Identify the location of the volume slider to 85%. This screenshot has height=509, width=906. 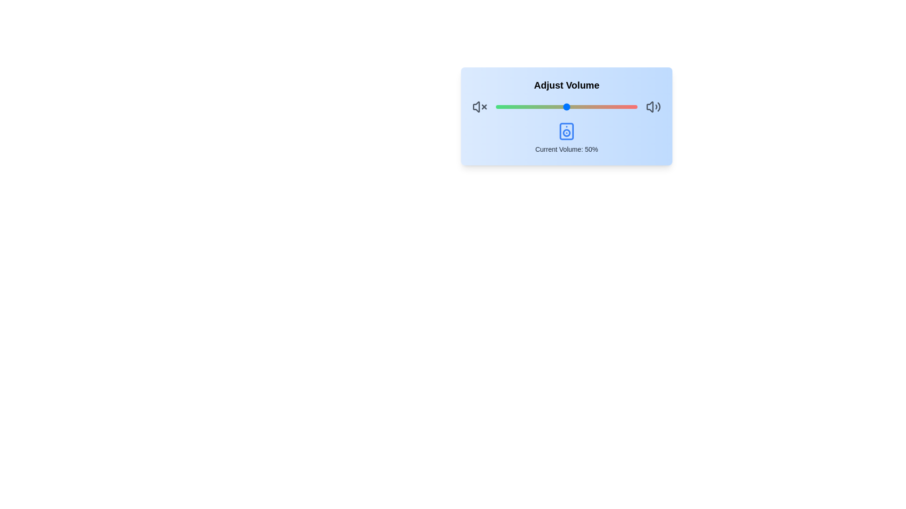
(616, 107).